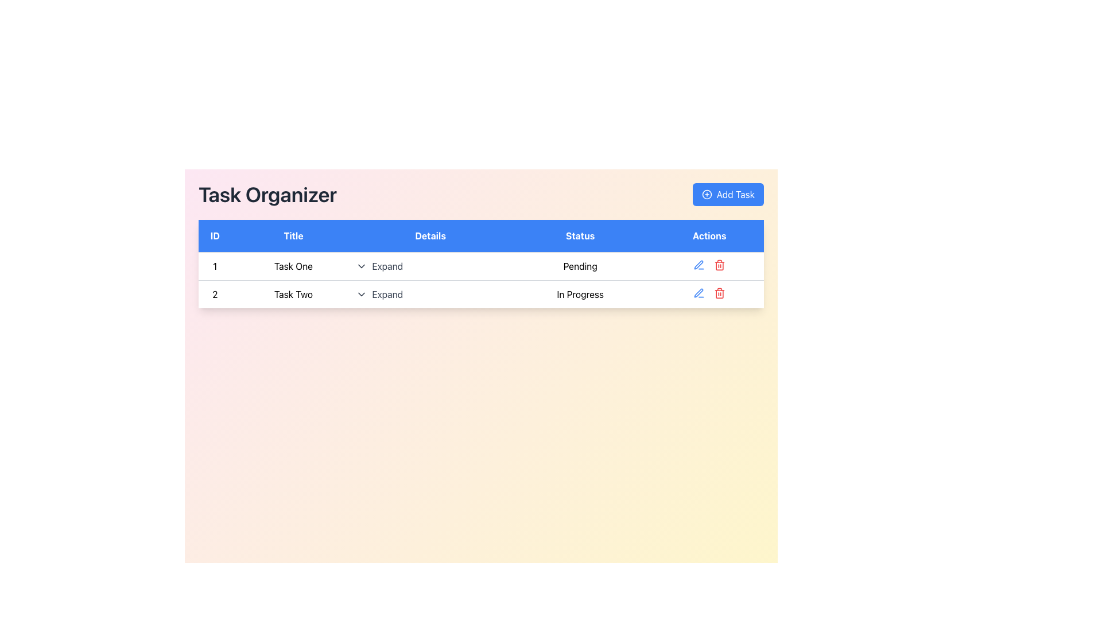 This screenshot has height=620, width=1102. Describe the element at coordinates (379, 266) in the screenshot. I see `the 'Expand' button in the 'Task Organizer' data table` at that location.